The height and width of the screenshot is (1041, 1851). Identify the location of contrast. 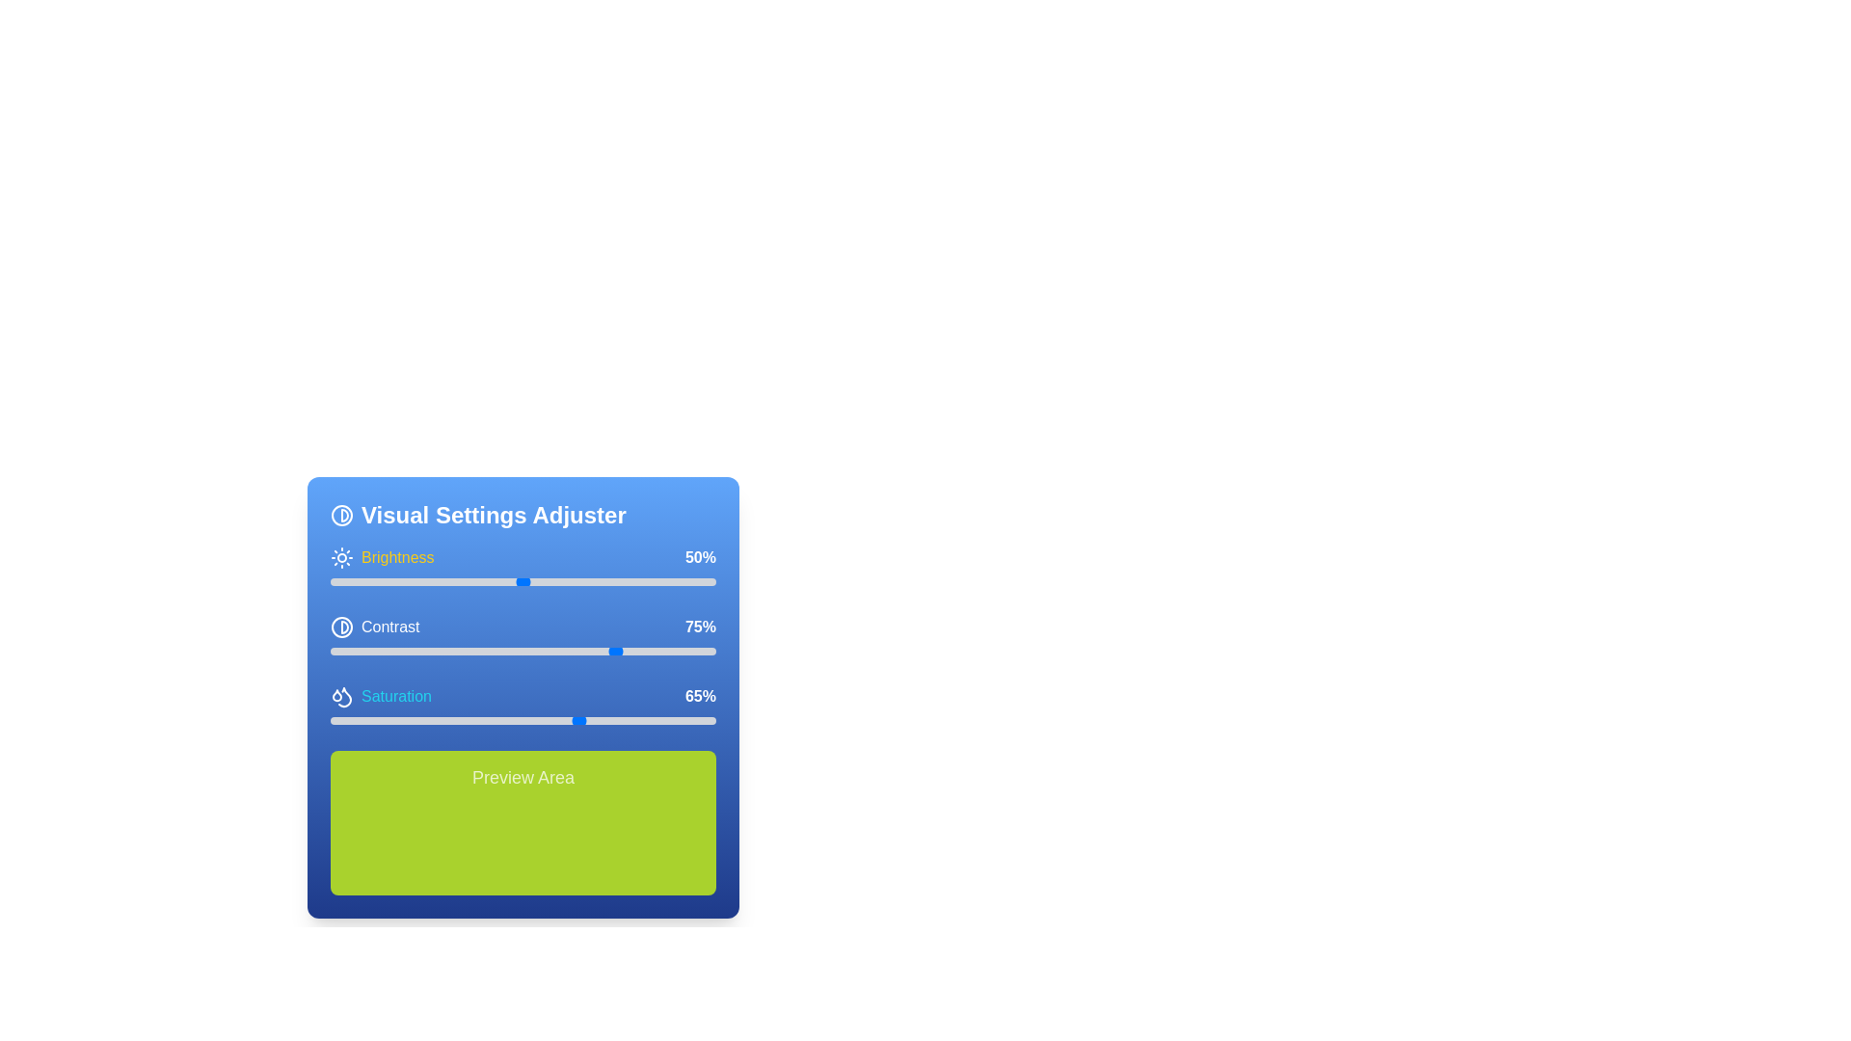
(425, 651).